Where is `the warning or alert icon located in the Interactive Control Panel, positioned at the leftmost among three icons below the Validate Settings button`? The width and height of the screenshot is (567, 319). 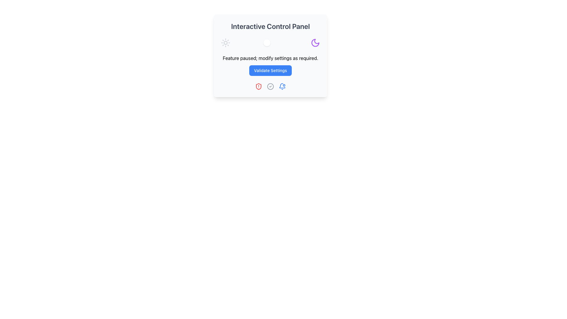 the warning or alert icon located in the Interactive Control Panel, positioned at the leftmost among three icons below the Validate Settings button is located at coordinates (258, 87).